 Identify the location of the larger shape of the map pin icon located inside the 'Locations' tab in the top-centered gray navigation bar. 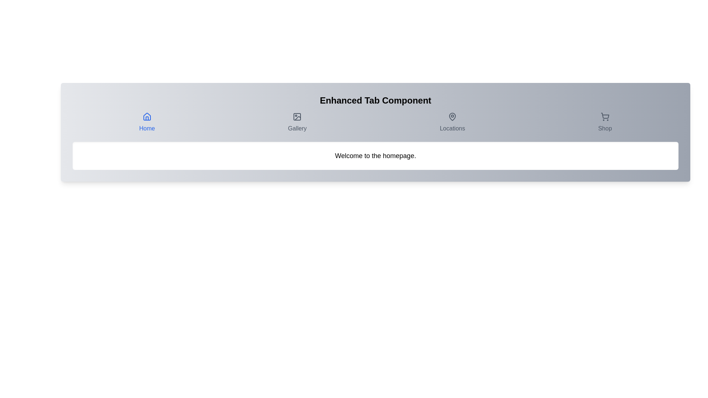
(452, 116).